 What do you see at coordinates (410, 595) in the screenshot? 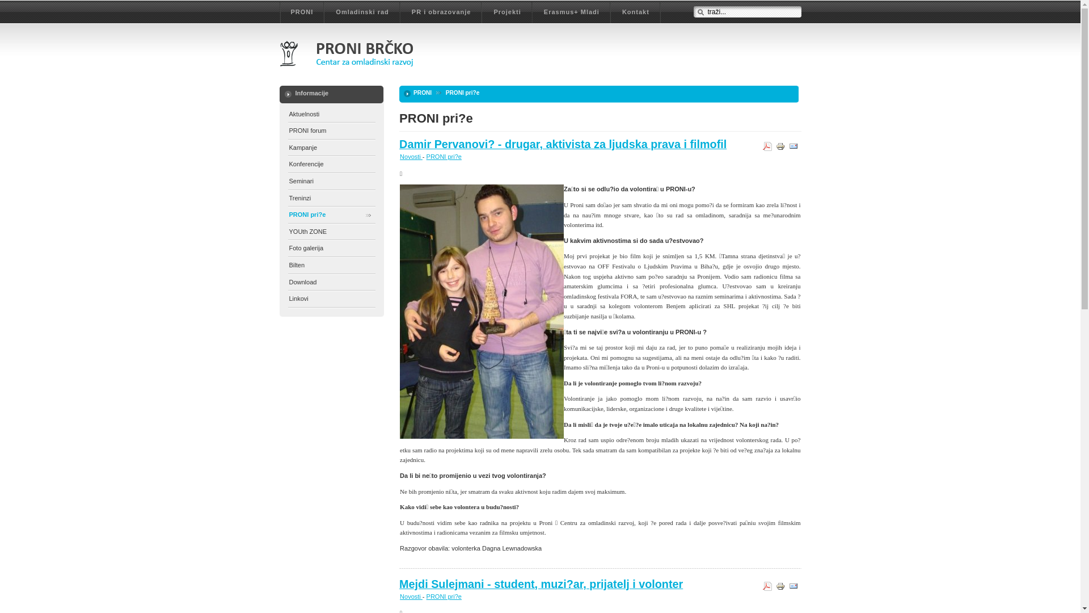
I see `'Novosti'` at bounding box center [410, 595].